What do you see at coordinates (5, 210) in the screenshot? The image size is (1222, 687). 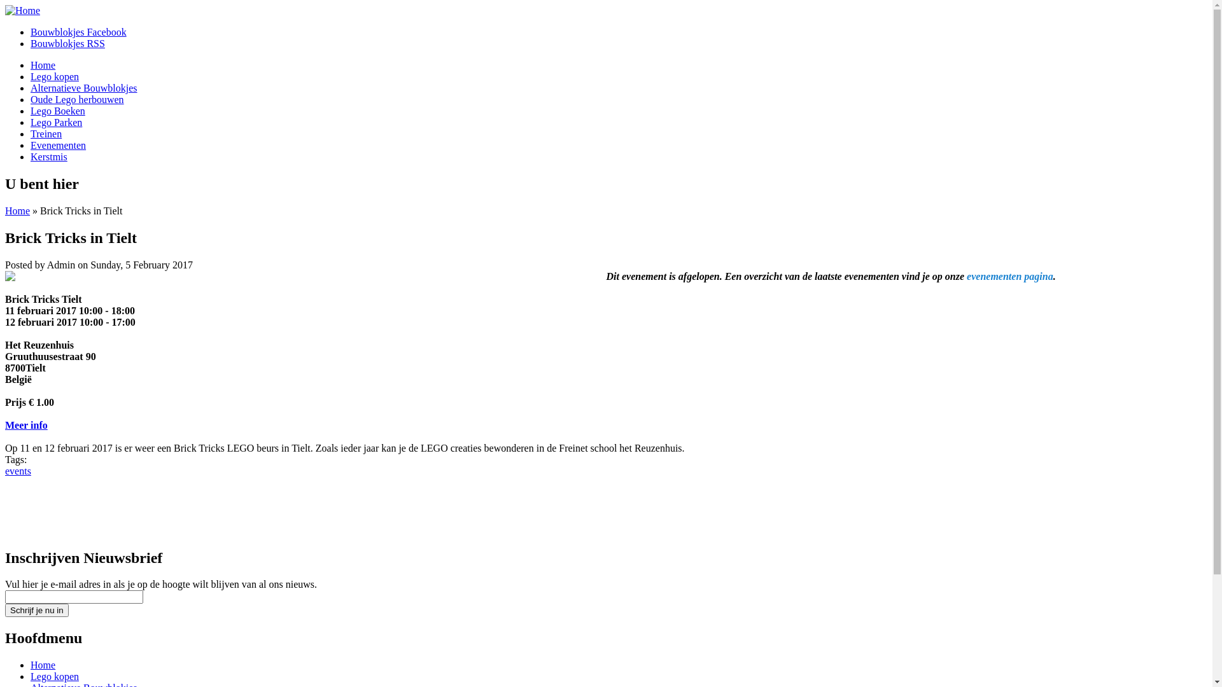 I see `'Home'` at bounding box center [5, 210].